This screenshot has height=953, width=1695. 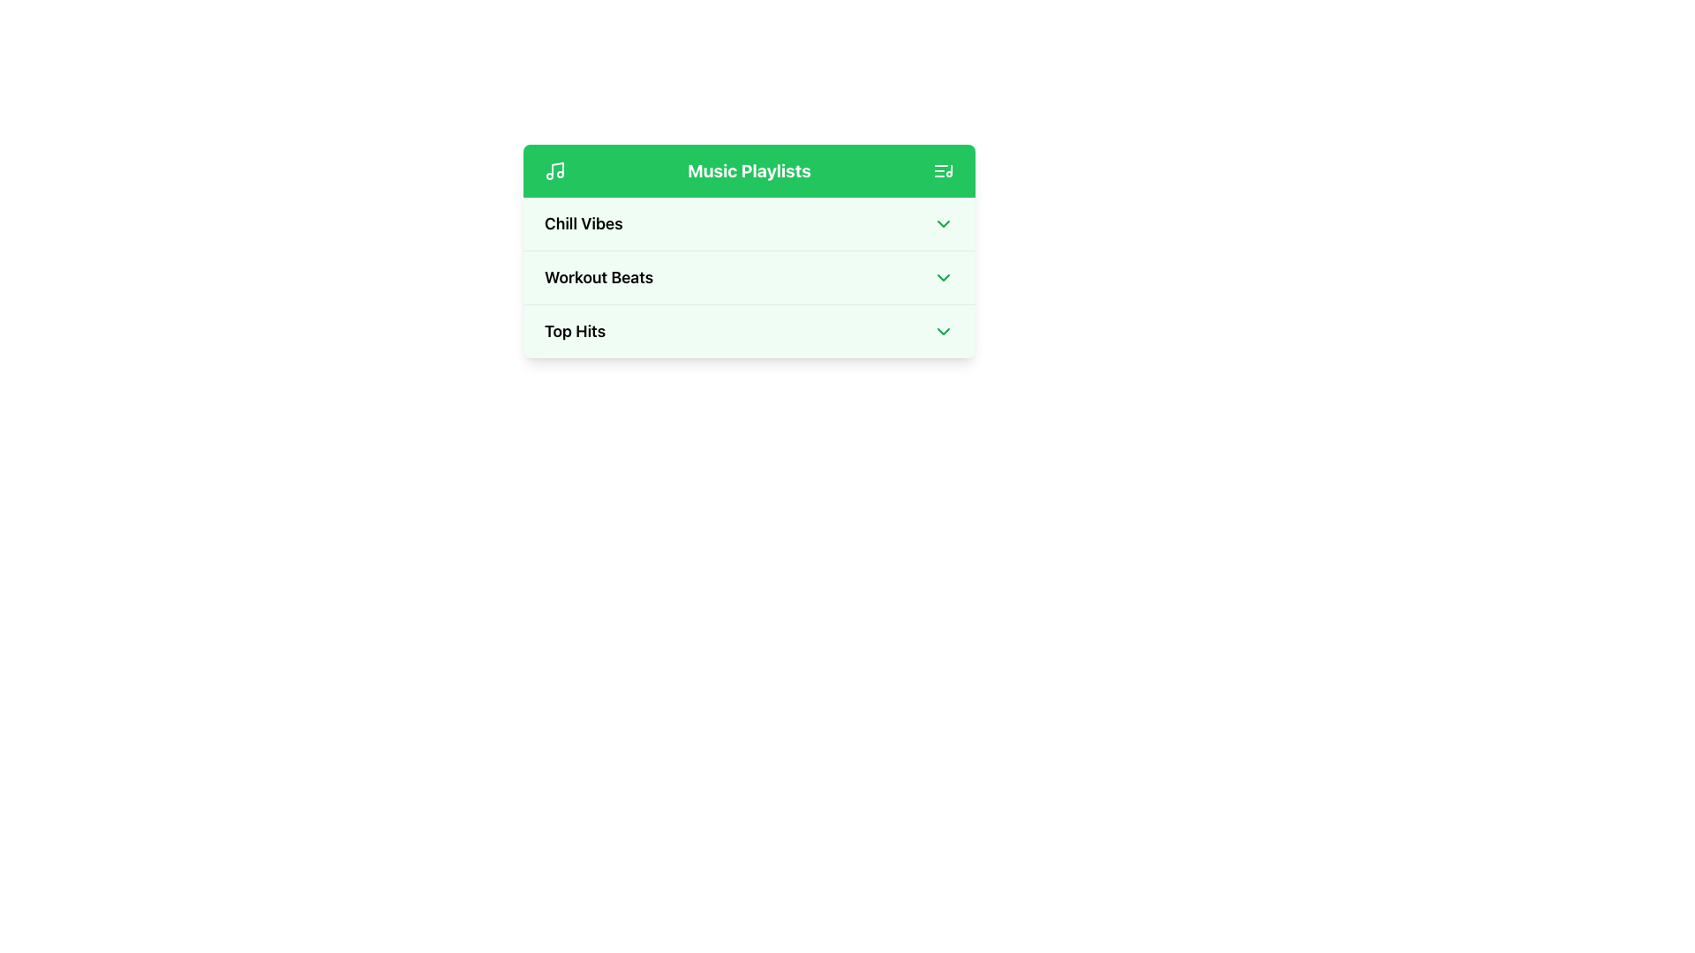 I want to click on the vertical segment of the musical note SVG icon located in the green header of the 'Music Playlists' card, positioned to the left of the text 'Music Playlists', so click(x=557, y=169).